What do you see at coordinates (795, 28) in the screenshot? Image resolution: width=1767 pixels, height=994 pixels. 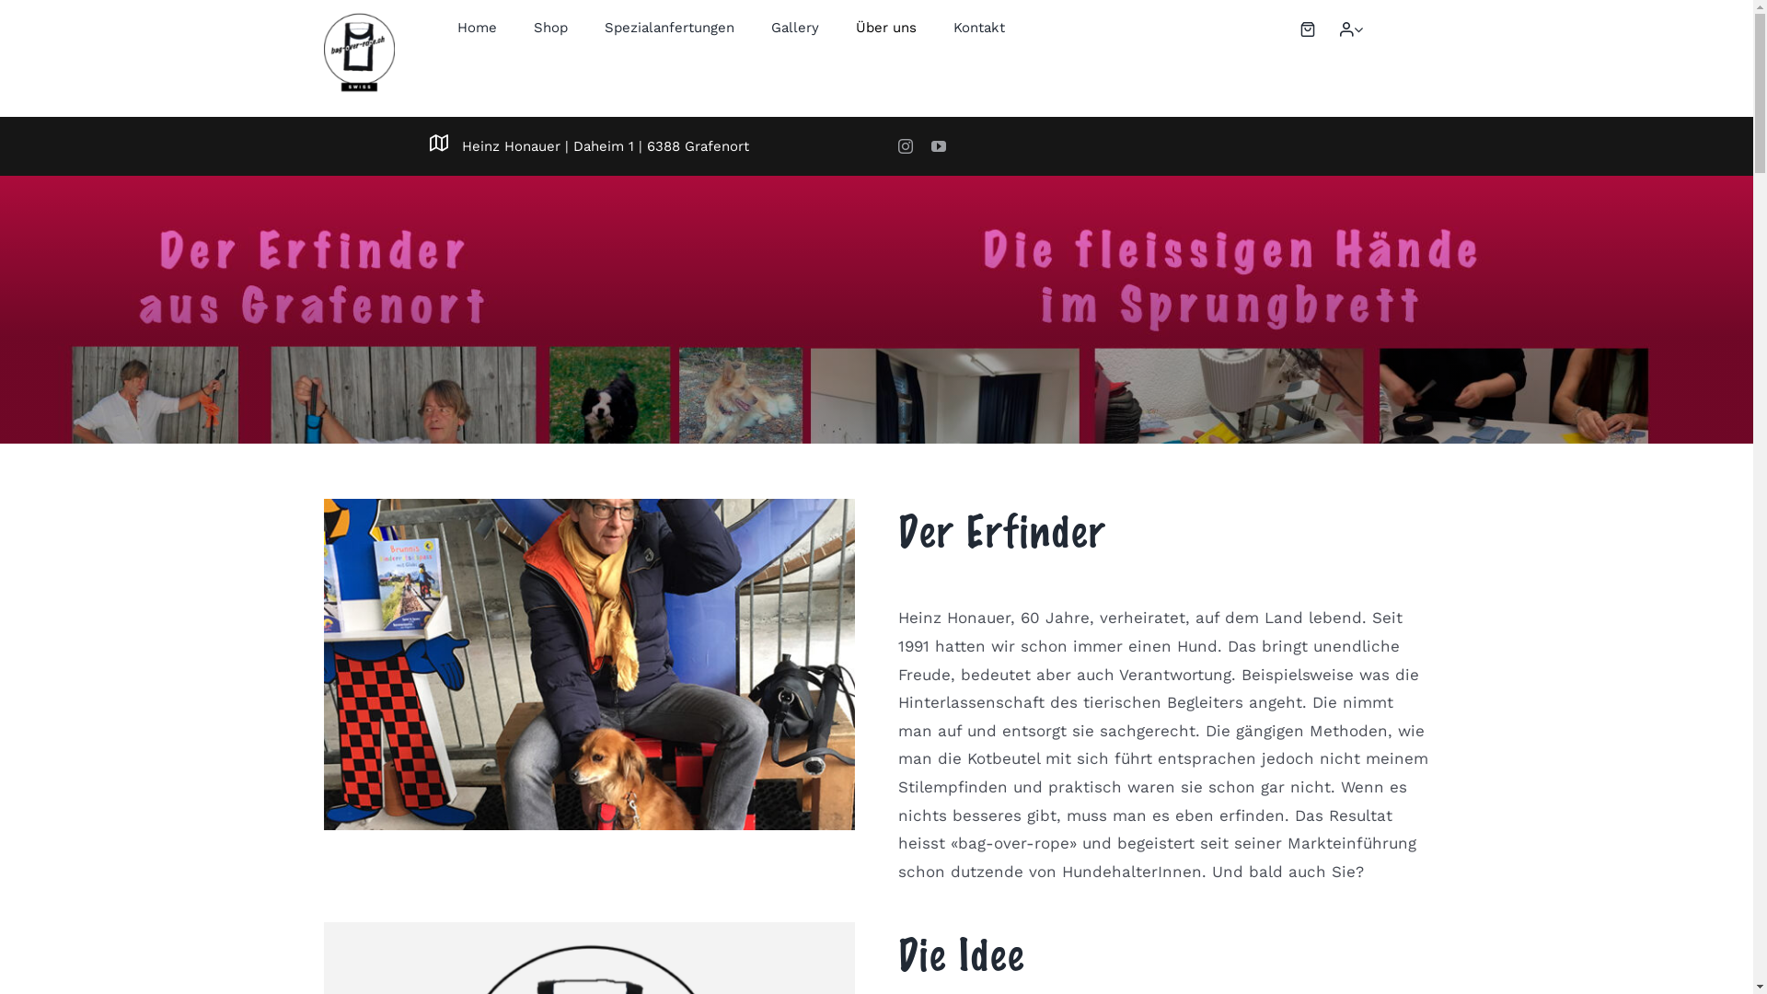 I see `'Gallery'` at bounding box center [795, 28].